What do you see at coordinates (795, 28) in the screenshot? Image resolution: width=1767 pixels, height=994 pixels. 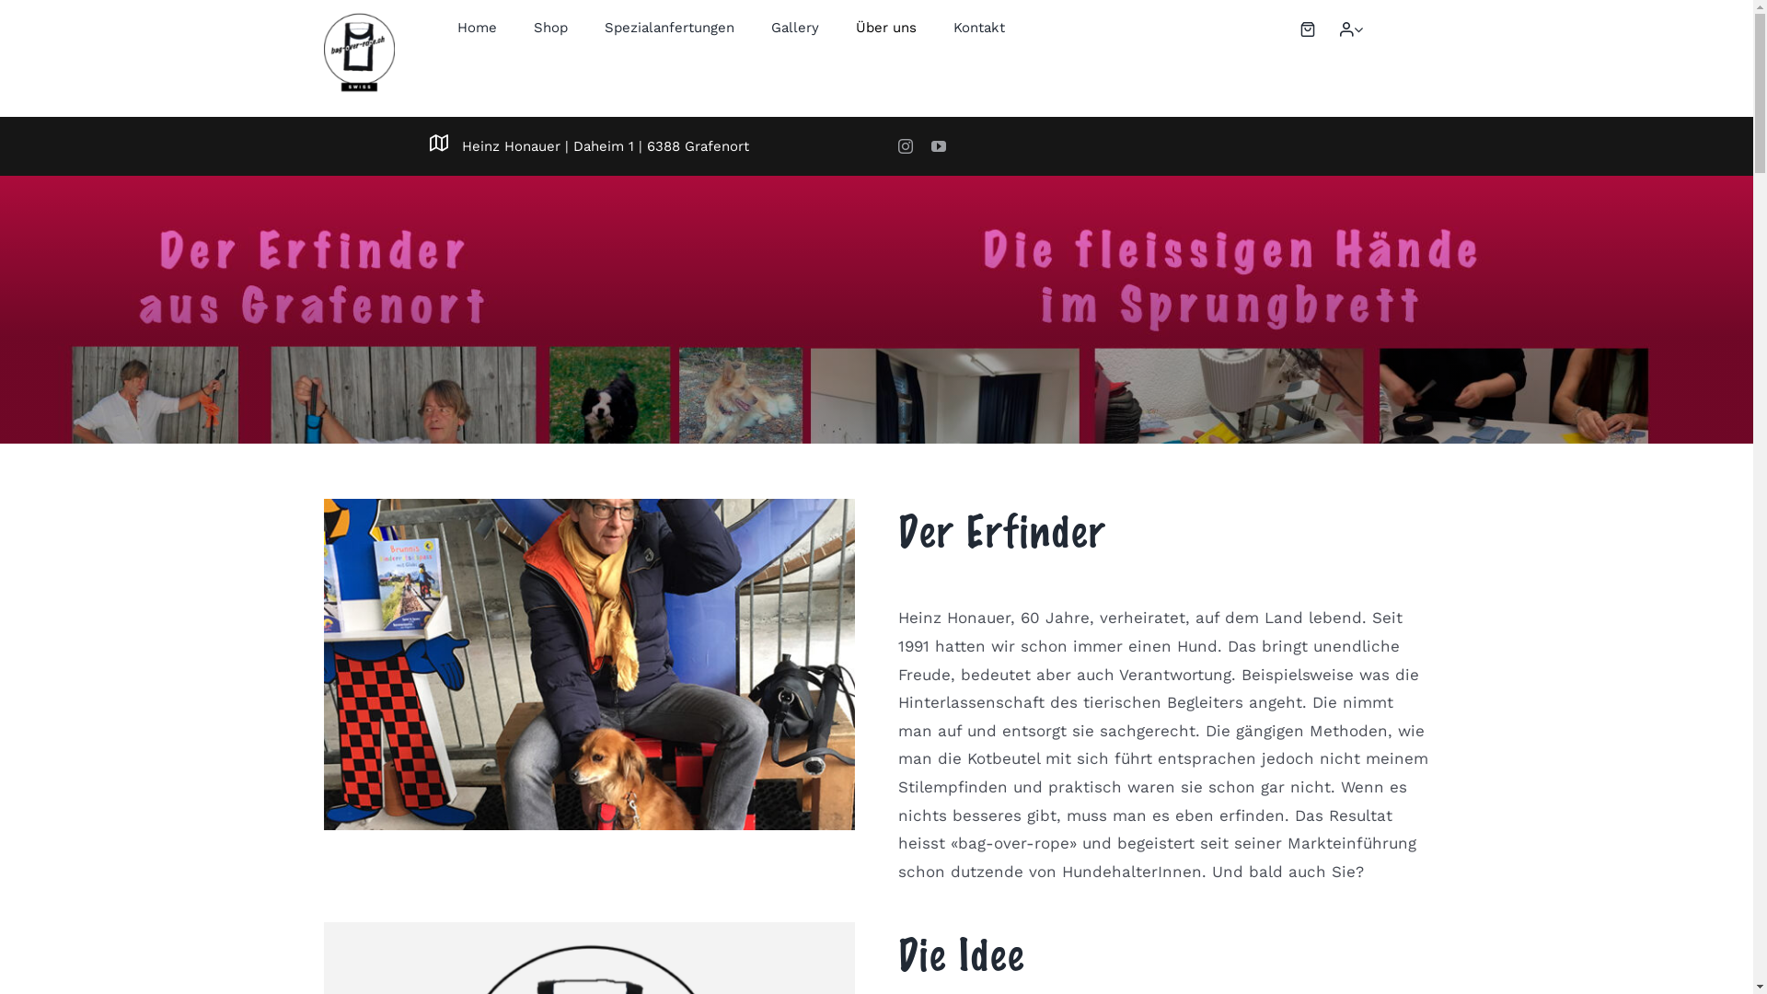 I see `'Gallery'` at bounding box center [795, 28].